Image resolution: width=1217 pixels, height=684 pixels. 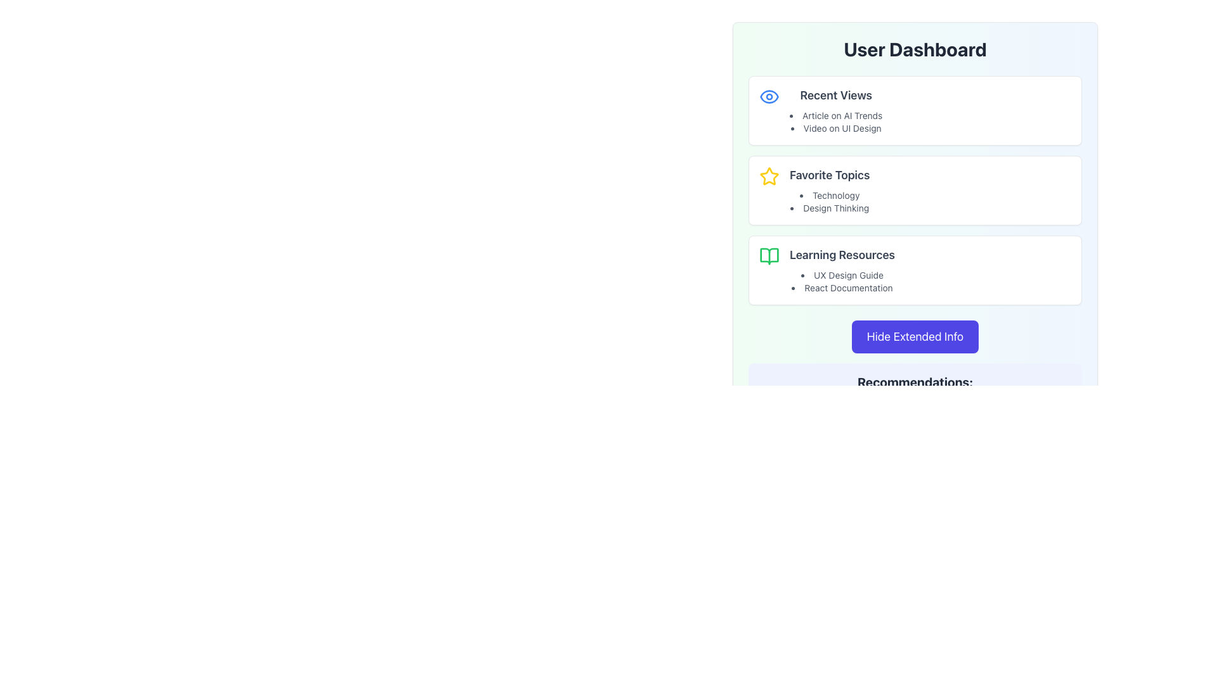 What do you see at coordinates (830, 207) in the screenshot?
I see `text element 'Design Thinking' styled in gray color, located under the 'Favorite Topics' section, which is a bullet point list item following 'Technology'` at bounding box center [830, 207].